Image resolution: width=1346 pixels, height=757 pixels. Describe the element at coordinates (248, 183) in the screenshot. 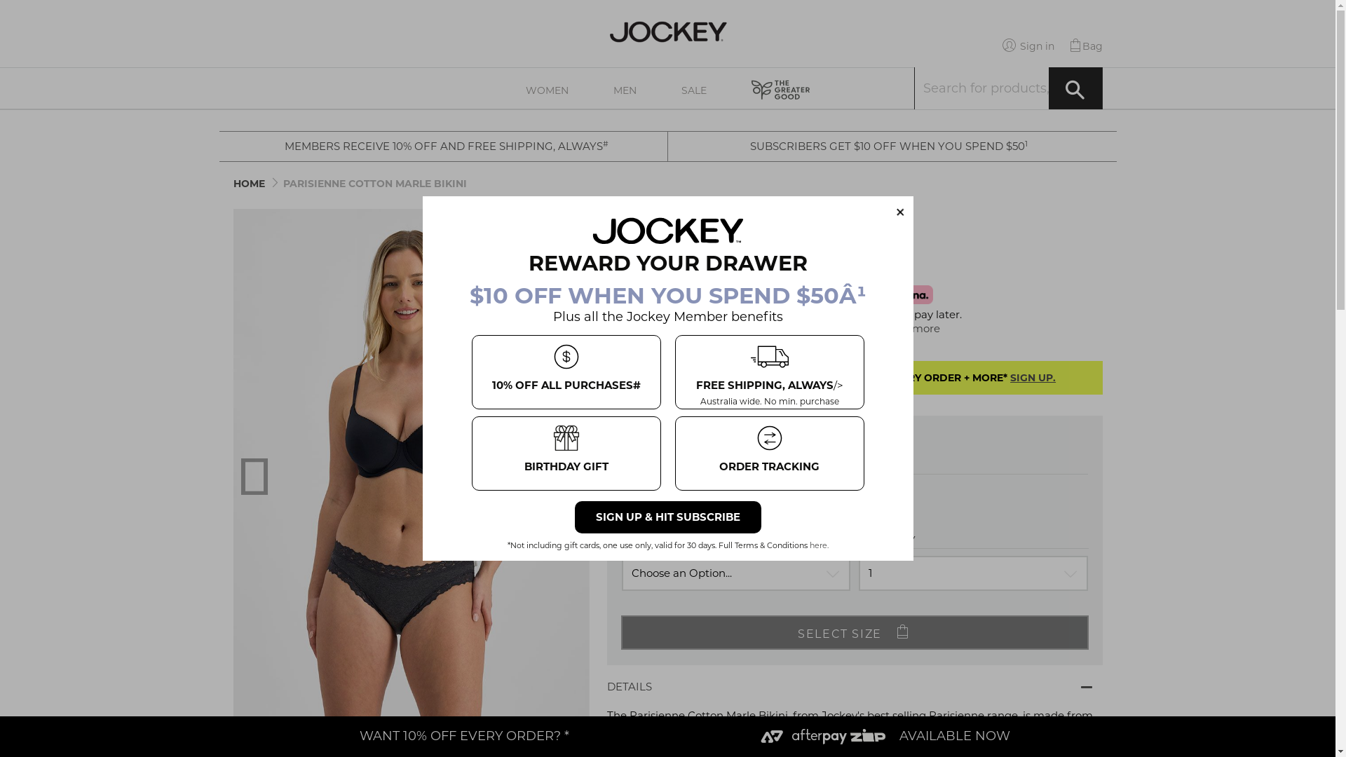

I see `'HOME'` at that location.